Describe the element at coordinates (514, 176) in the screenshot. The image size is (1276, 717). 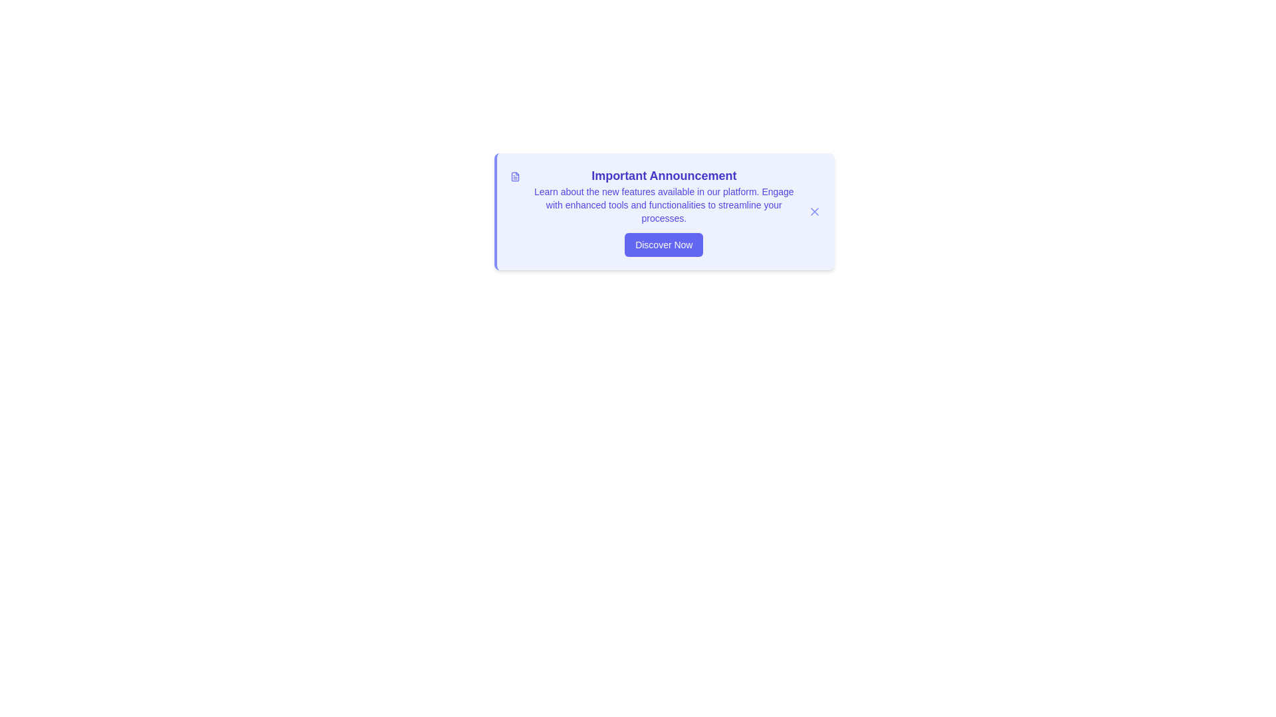
I see `the icon to observe hover effects` at that location.